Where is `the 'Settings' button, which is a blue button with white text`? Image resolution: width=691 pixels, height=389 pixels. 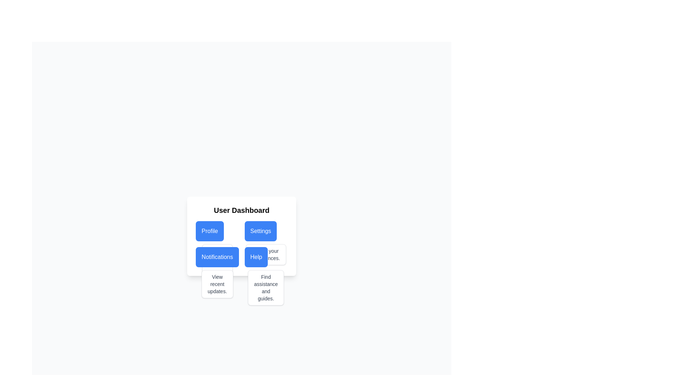
the 'Settings' button, which is a blue button with white text is located at coordinates (260, 231).